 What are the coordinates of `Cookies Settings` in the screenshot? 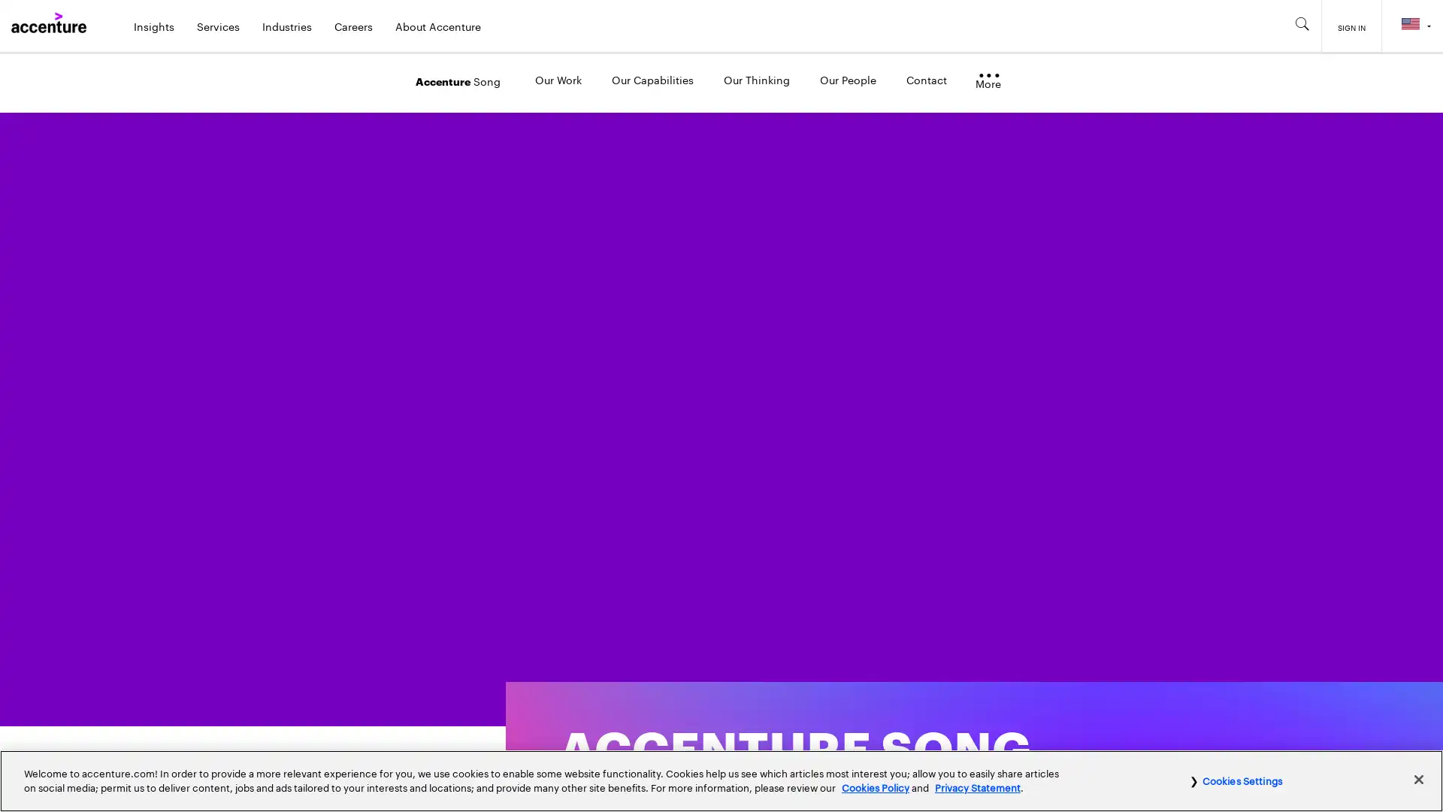 It's located at (1236, 779).